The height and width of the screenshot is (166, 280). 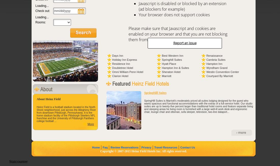 I want to click on 'Home', so click(x=96, y=147).